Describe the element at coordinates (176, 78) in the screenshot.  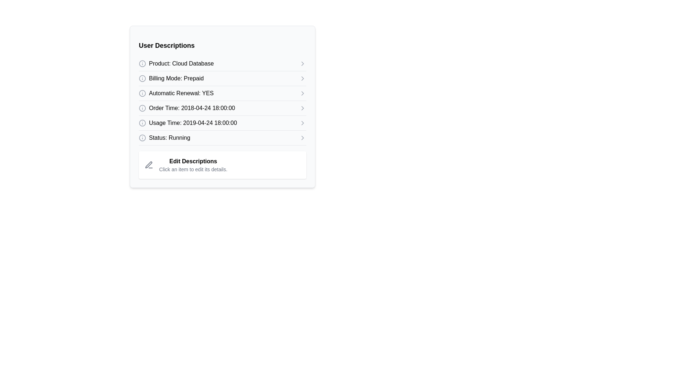
I see `the informative text label reading 'Billing Mode: Prepaid', which is positioned second in a vertical list under 'User Descriptions'` at that location.